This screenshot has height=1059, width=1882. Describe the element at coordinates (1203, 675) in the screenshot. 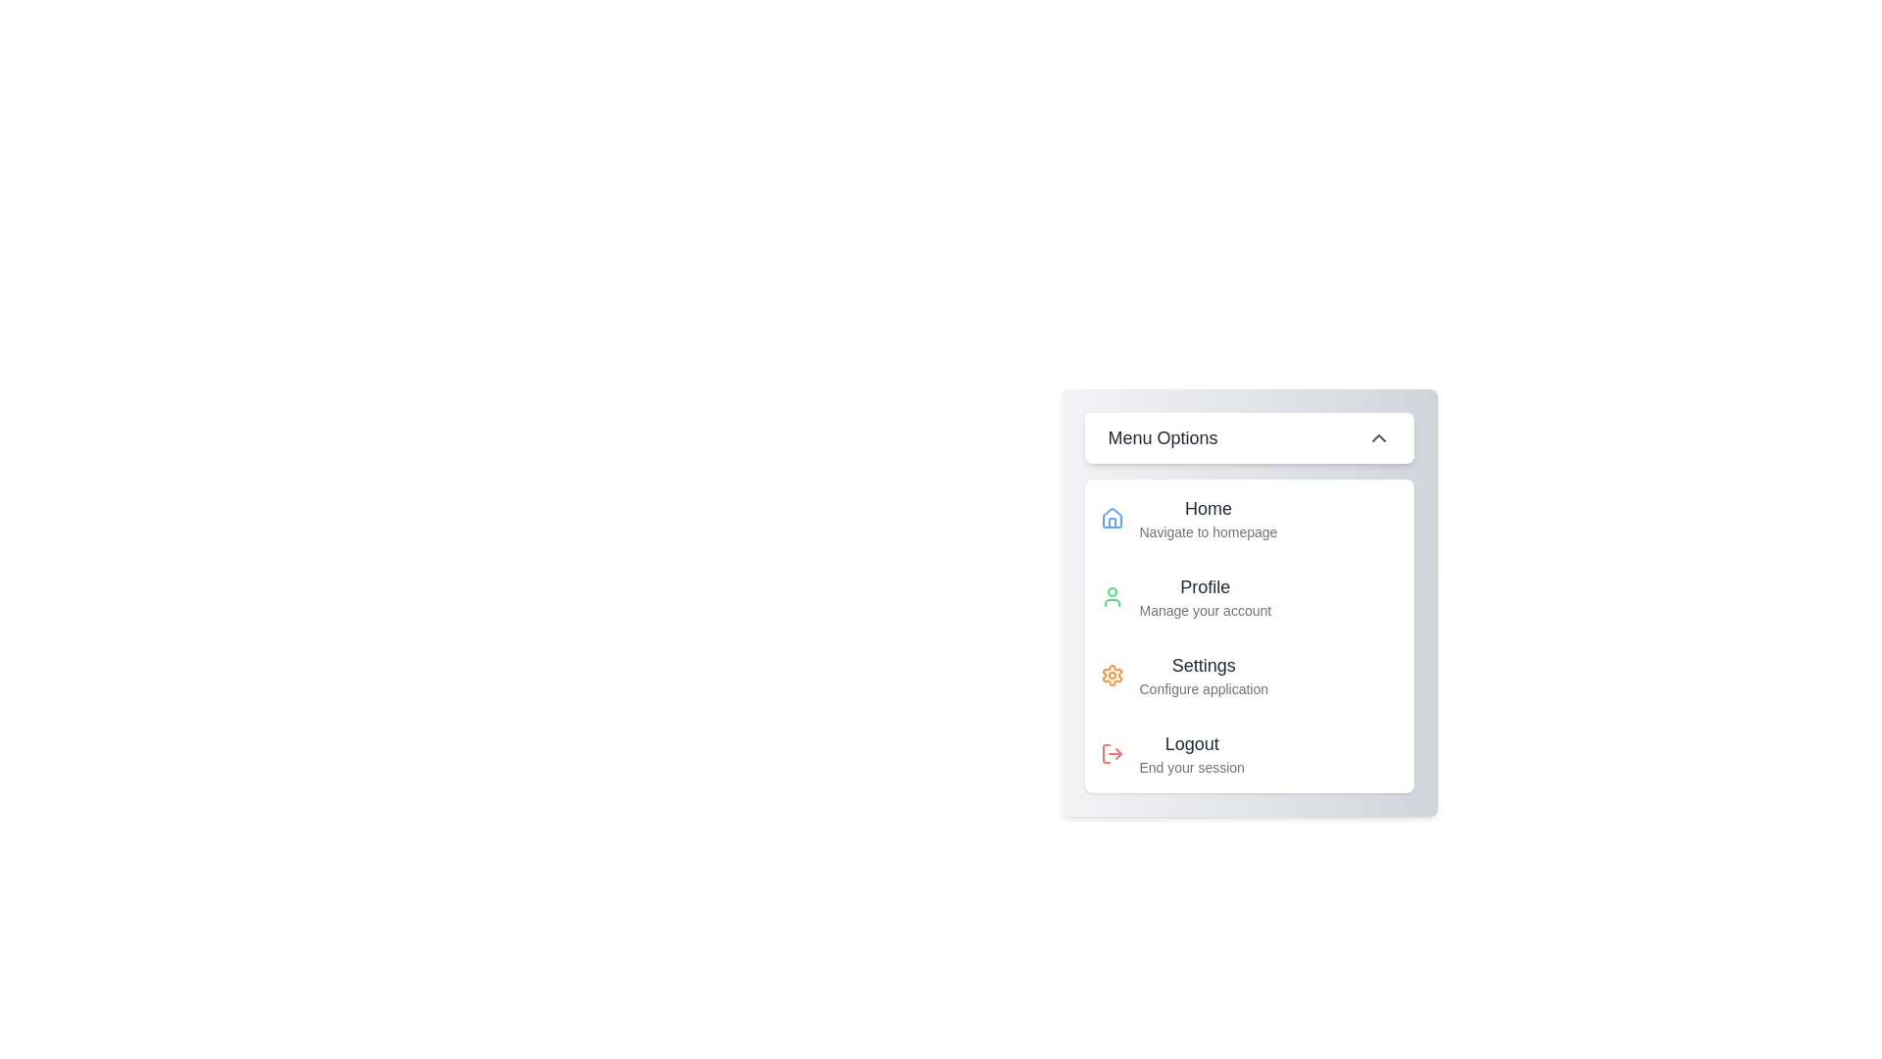

I see `the third menu item labeled as 'Settings' within the 'Menu Options'` at that location.